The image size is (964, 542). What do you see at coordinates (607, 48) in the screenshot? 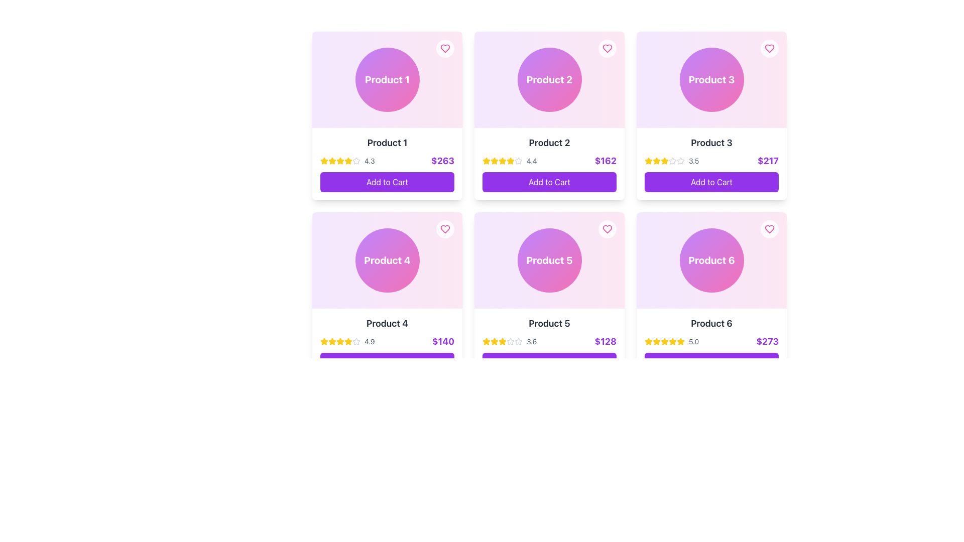
I see `the heart-shaped icon located at the top-right of the 'Product 2' card to mark the product as a favorite` at bounding box center [607, 48].